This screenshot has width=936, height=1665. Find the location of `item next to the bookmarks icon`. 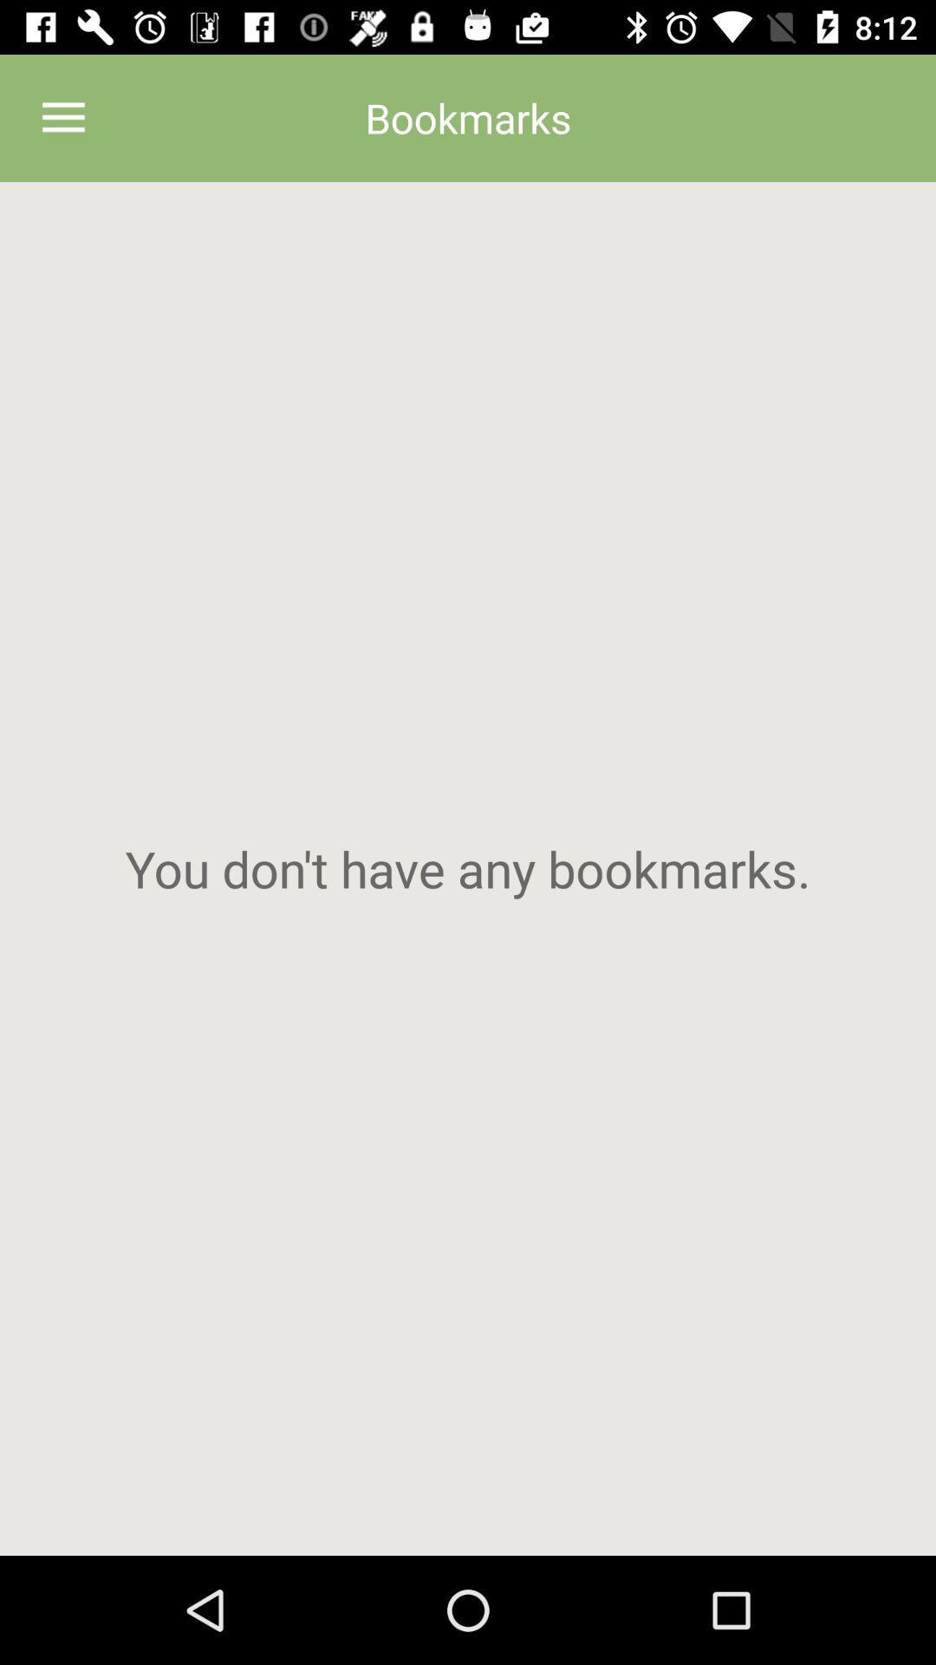

item next to the bookmarks icon is located at coordinates (62, 117).